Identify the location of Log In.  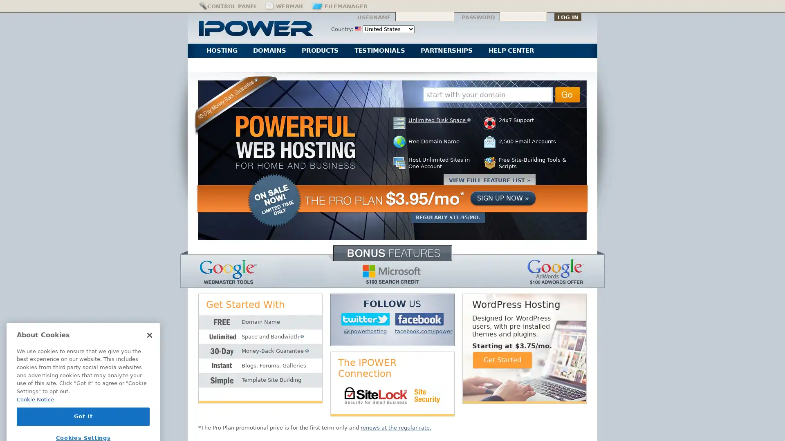
(567, 17).